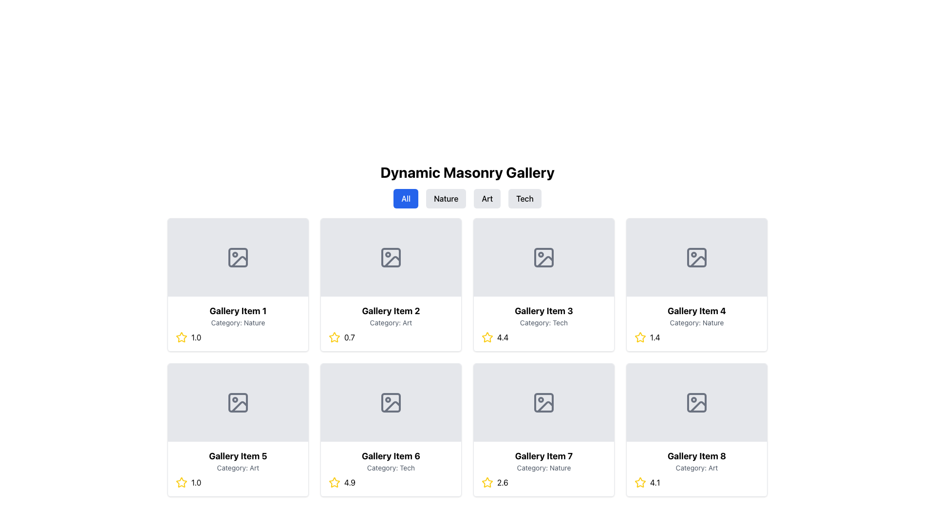  Describe the element at coordinates (696, 456) in the screenshot. I see `the bold, large-sized text 'Gallery Item 8', which is located above 'Category: Art' in the bottom-right section of the gallery grid` at that location.